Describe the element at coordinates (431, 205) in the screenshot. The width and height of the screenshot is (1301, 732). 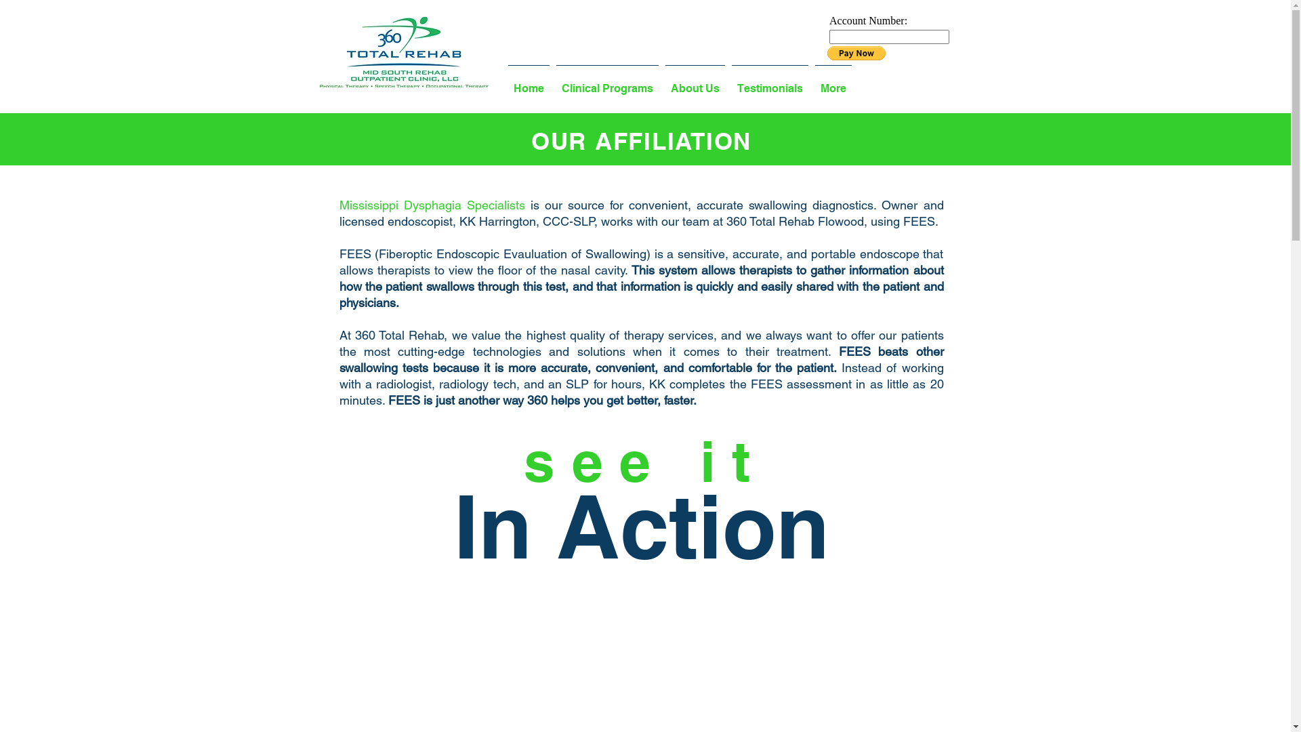
I see `'Mississippi Dysphagia Specialists'` at that location.